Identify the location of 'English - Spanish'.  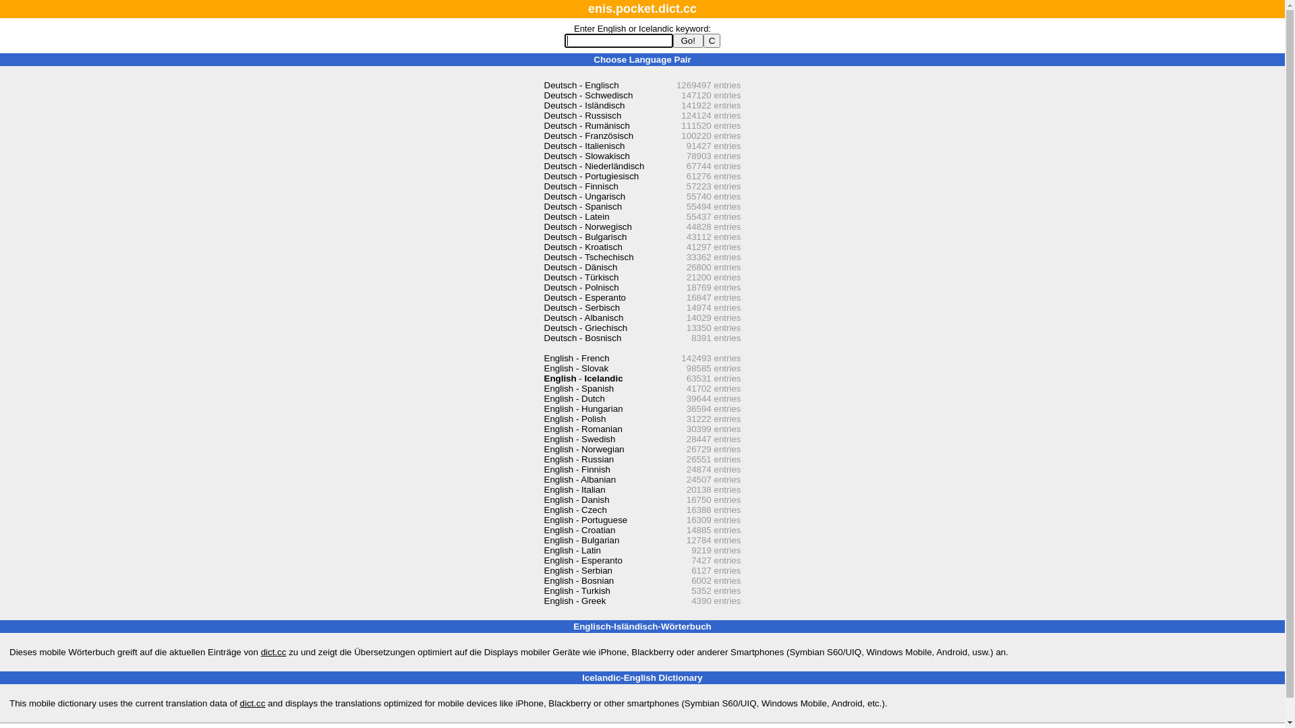
(579, 388).